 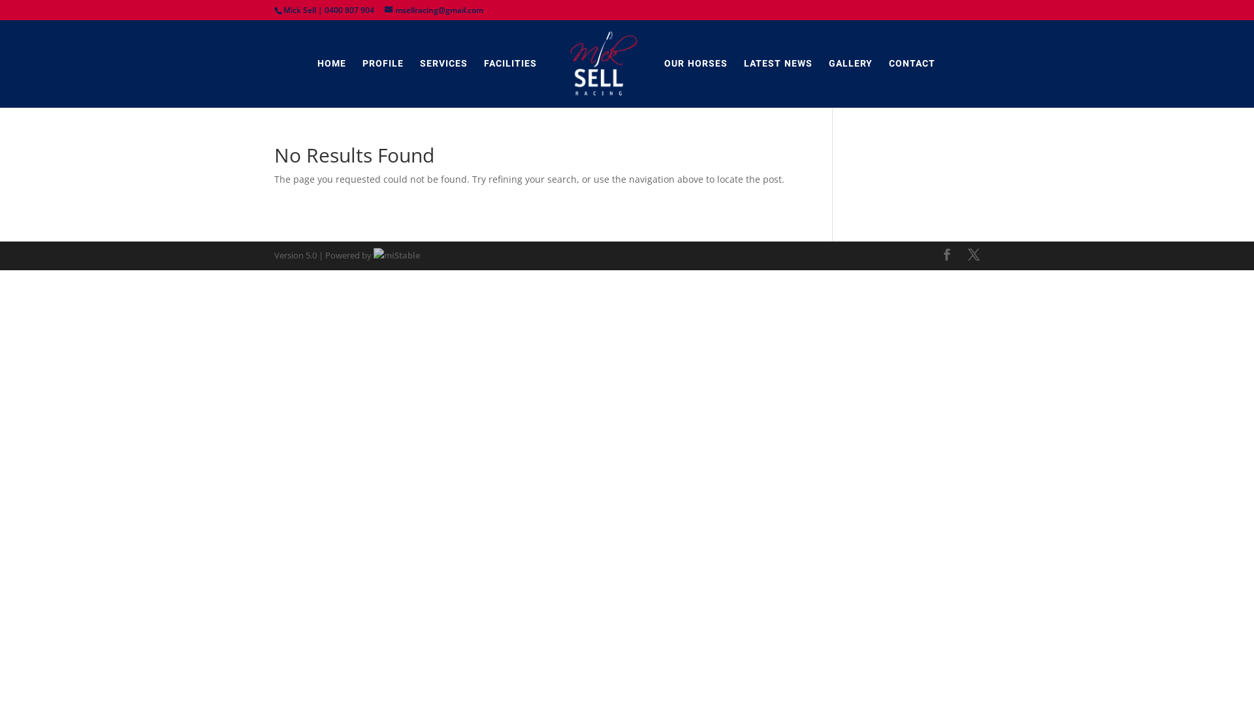 What do you see at coordinates (911, 63) in the screenshot?
I see `'CONTACT'` at bounding box center [911, 63].